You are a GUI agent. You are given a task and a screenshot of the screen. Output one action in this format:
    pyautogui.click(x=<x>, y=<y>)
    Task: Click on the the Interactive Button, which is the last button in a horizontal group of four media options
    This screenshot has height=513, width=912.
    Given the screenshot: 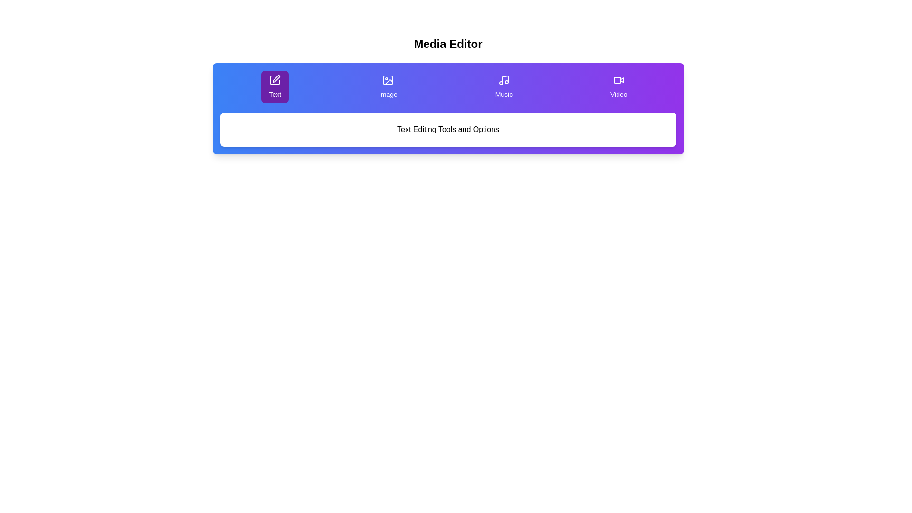 What is the action you would take?
    pyautogui.click(x=618, y=86)
    